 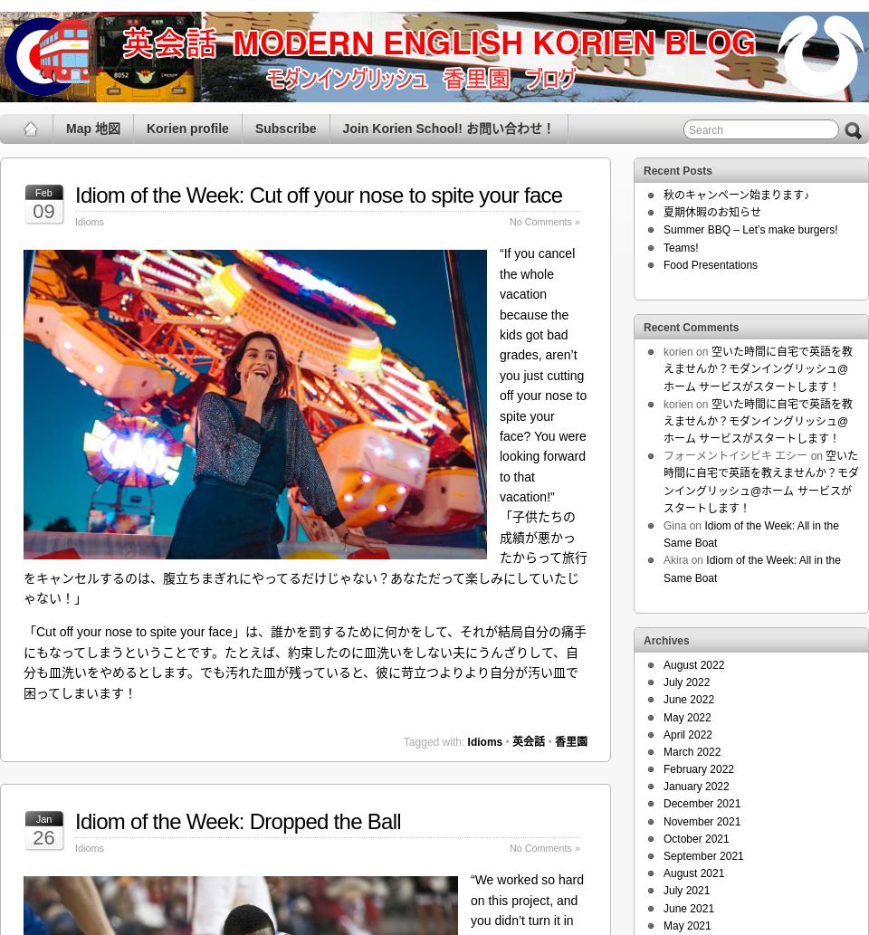 What do you see at coordinates (662, 907) in the screenshot?
I see `'June 2021'` at bounding box center [662, 907].